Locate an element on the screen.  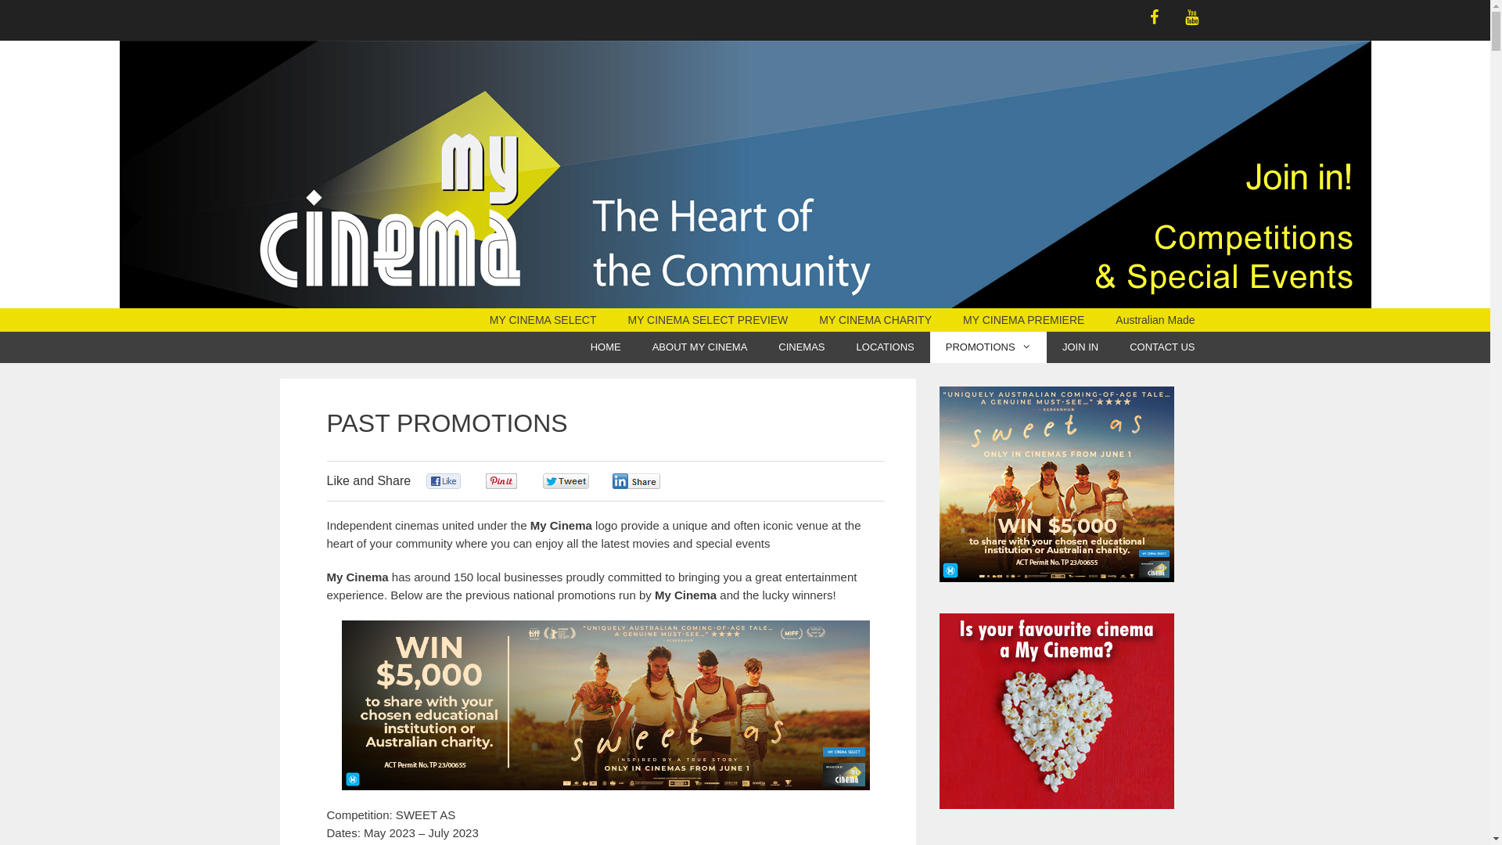
'Be the first one to tweet this article!' is located at coordinates (581, 480).